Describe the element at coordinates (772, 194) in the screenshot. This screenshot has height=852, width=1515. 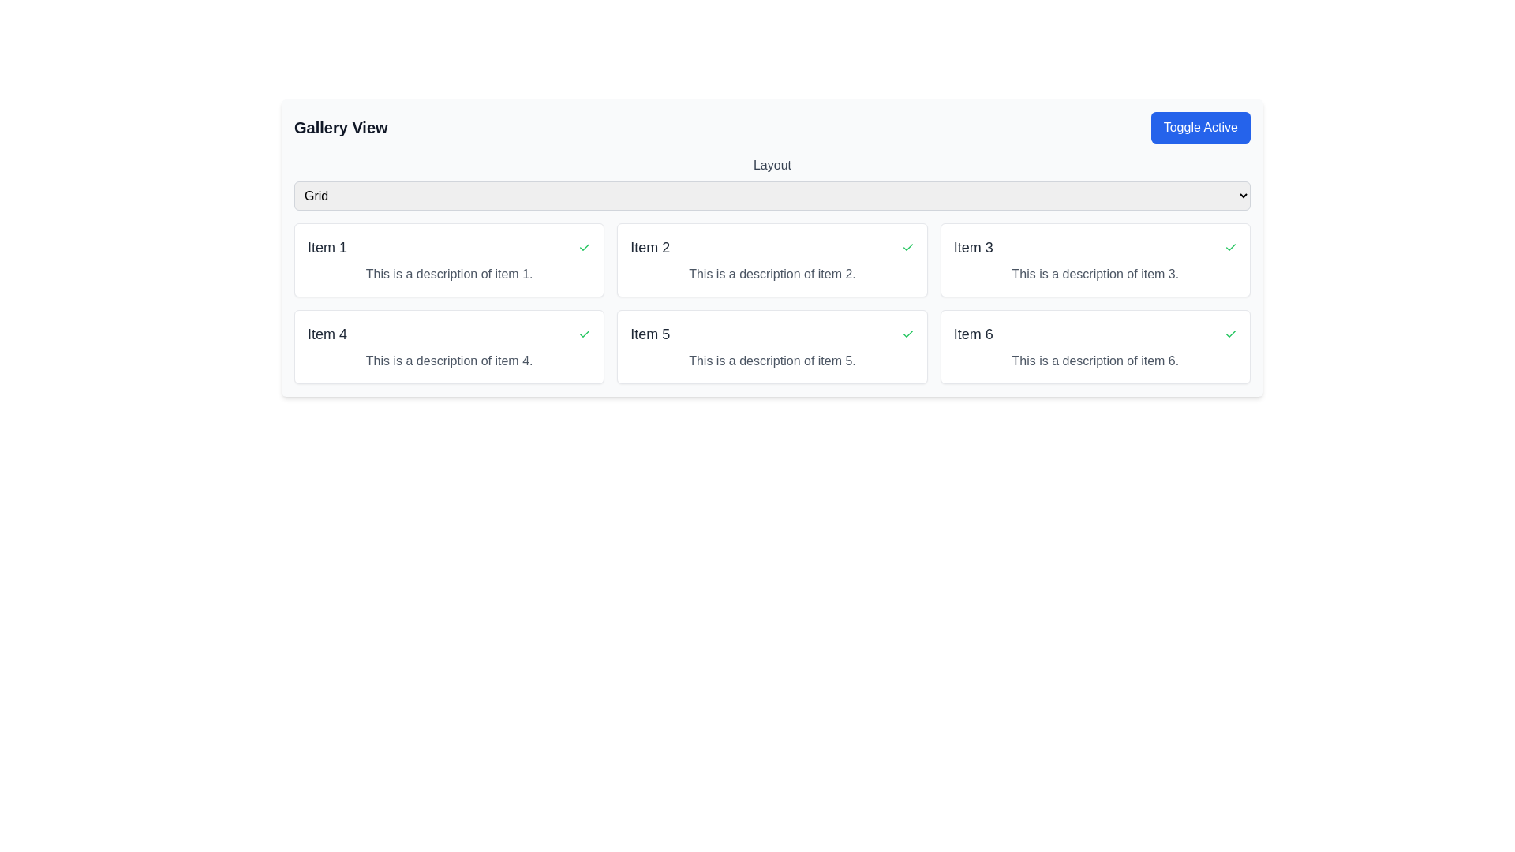
I see `the dropdown menu located centrally beneath the 'Layout' label` at that location.